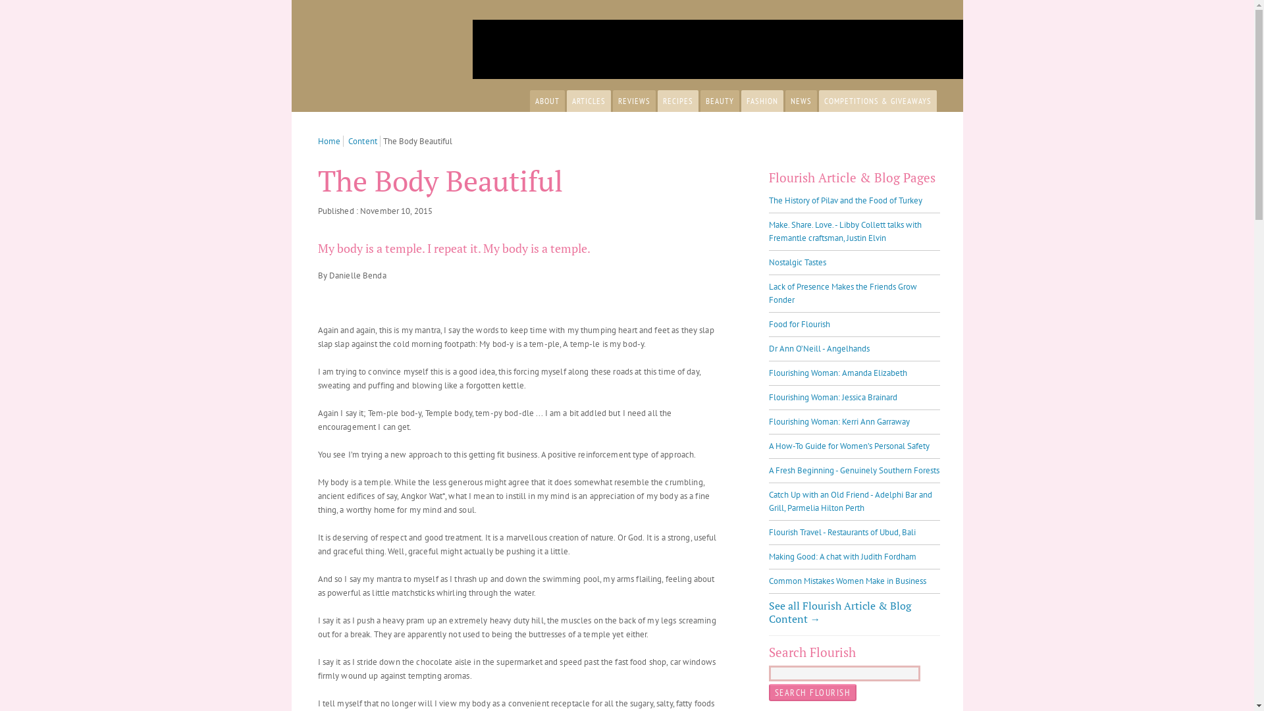 The height and width of the screenshot is (711, 1264). What do you see at coordinates (797, 262) in the screenshot?
I see `'Nostalgic Tastes'` at bounding box center [797, 262].